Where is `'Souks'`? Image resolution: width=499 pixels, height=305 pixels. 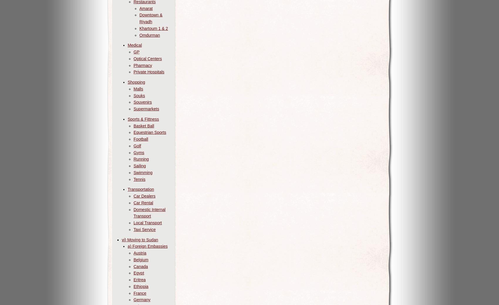
'Souks' is located at coordinates (139, 95).